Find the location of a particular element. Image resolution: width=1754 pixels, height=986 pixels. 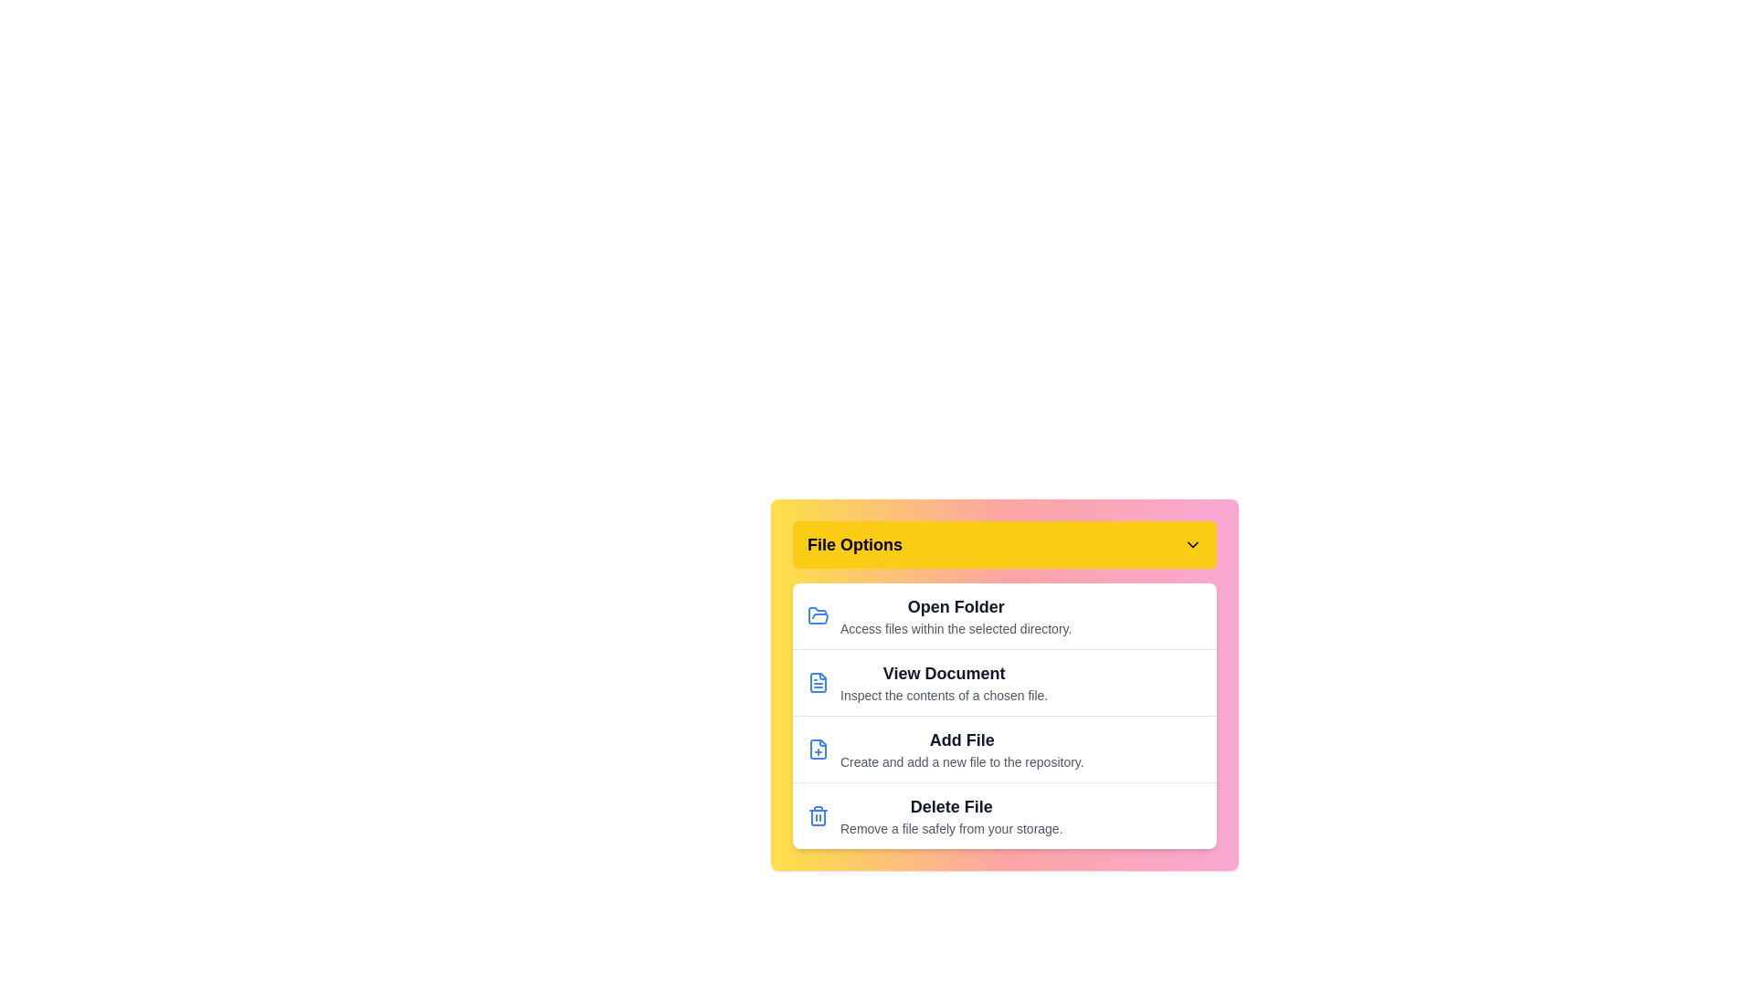

the 'Add File' list item in the 'File Options' menu is located at coordinates (1003, 749).